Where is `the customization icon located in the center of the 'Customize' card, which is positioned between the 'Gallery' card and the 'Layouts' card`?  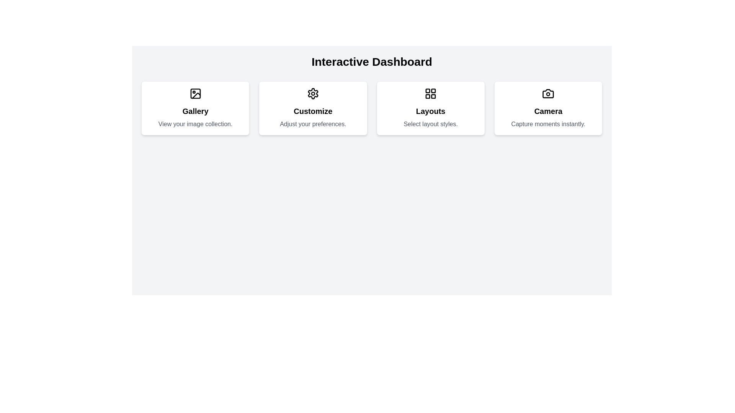
the customization icon located in the center of the 'Customize' card, which is positioned between the 'Gallery' card and the 'Layouts' card is located at coordinates (313, 93).